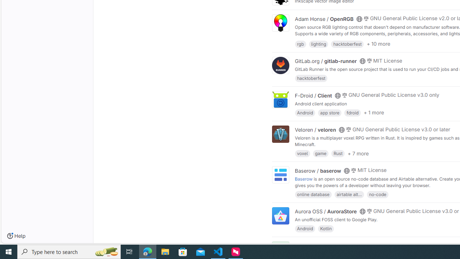 The image size is (460, 259). What do you see at coordinates (318, 44) in the screenshot?
I see `'lighting'` at bounding box center [318, 44].